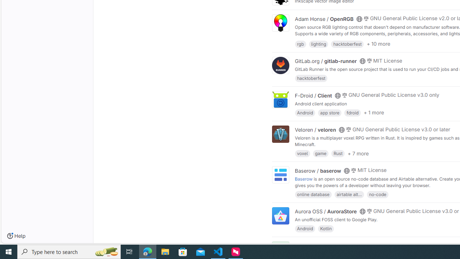 The image size is (460, 259). What do you see at coordinates (318, 44) in the screenshot?
I see `'lighting'` at bounding box center [318, 44].